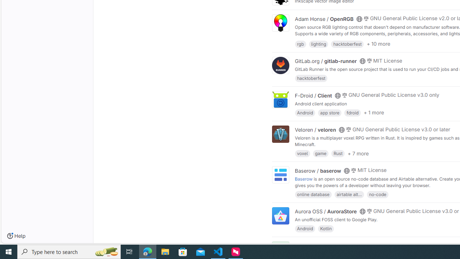 The image size is (460, 259). What do you see at coordinates (318, 44) in the screenshot?
I see `'lighting'` at bounding box center [318, 44].